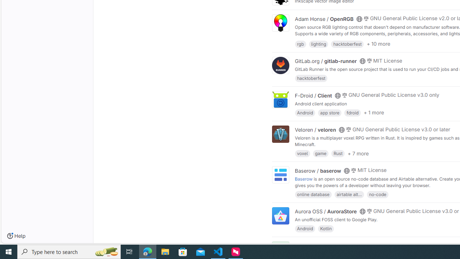 The image size is (460, 259). What do you see at coordinates (318, 44) in the screenshot?
I see `'lighting'` at bounding box center [318, 44].